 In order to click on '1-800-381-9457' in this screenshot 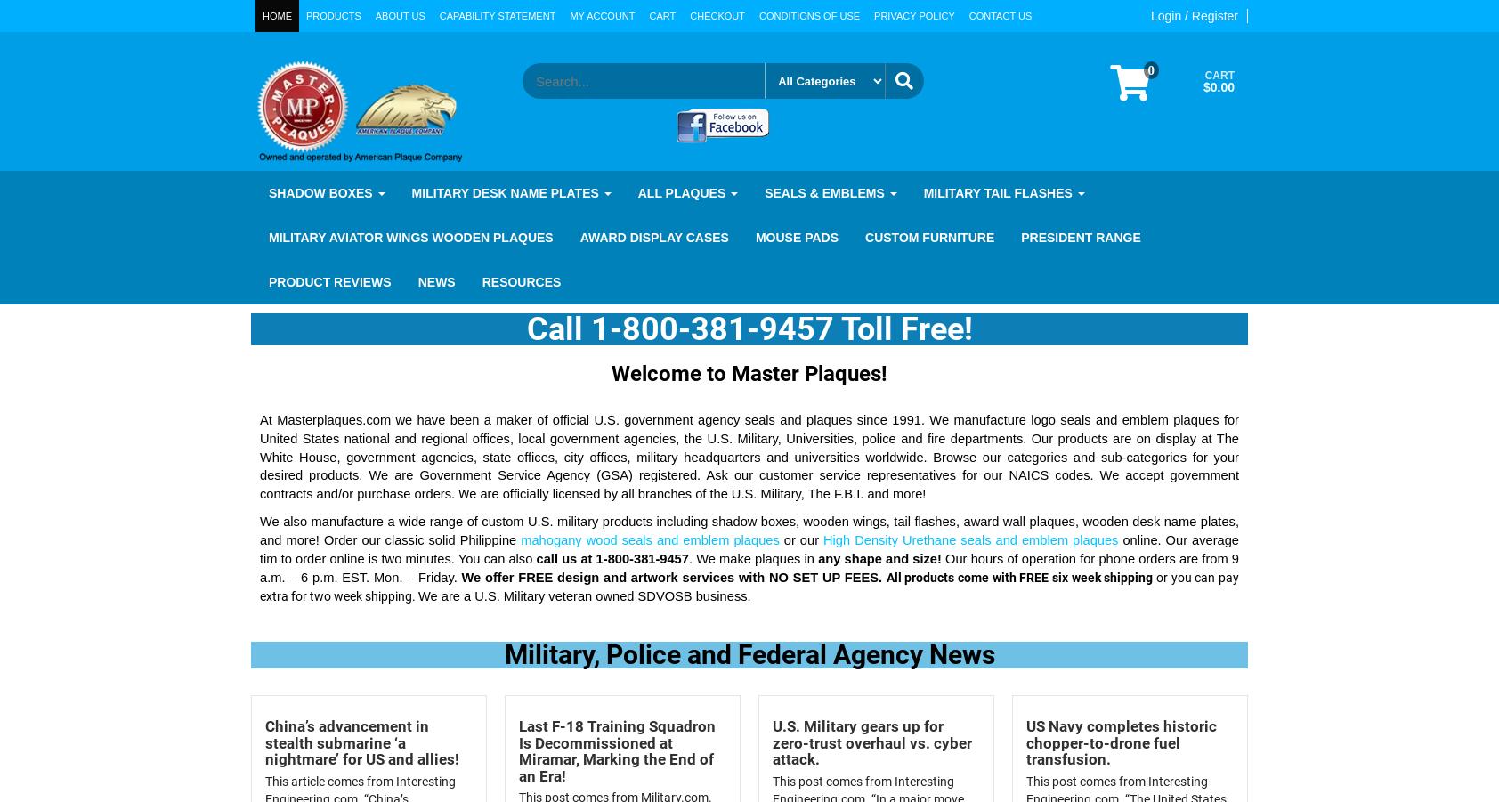, I will do `click(641, 557)`.